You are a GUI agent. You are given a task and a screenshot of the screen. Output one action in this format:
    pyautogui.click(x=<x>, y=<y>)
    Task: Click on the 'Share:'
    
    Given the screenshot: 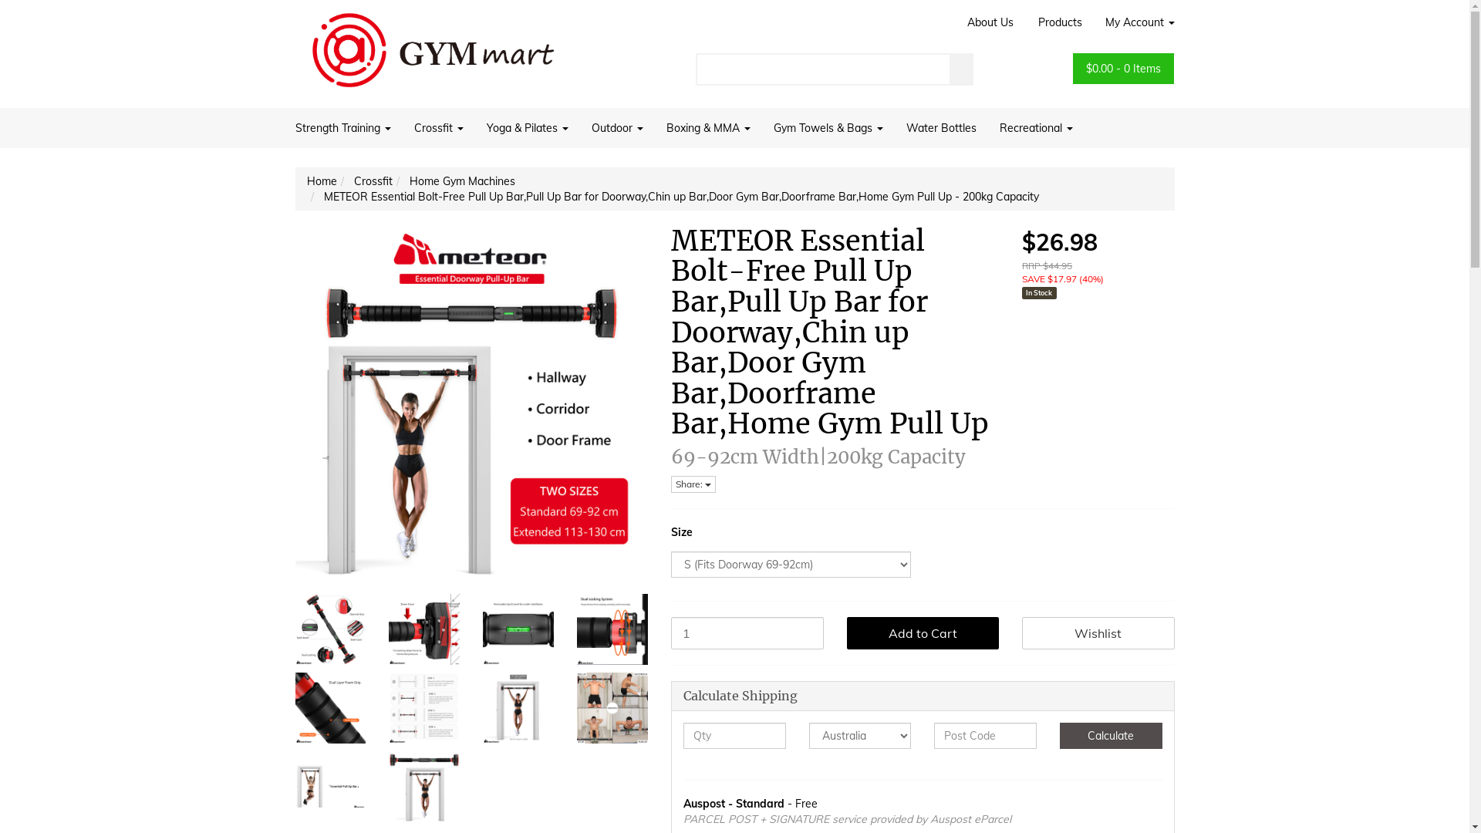 What is the action you would take?
    pyautogui.click(x=692, y=484)
    